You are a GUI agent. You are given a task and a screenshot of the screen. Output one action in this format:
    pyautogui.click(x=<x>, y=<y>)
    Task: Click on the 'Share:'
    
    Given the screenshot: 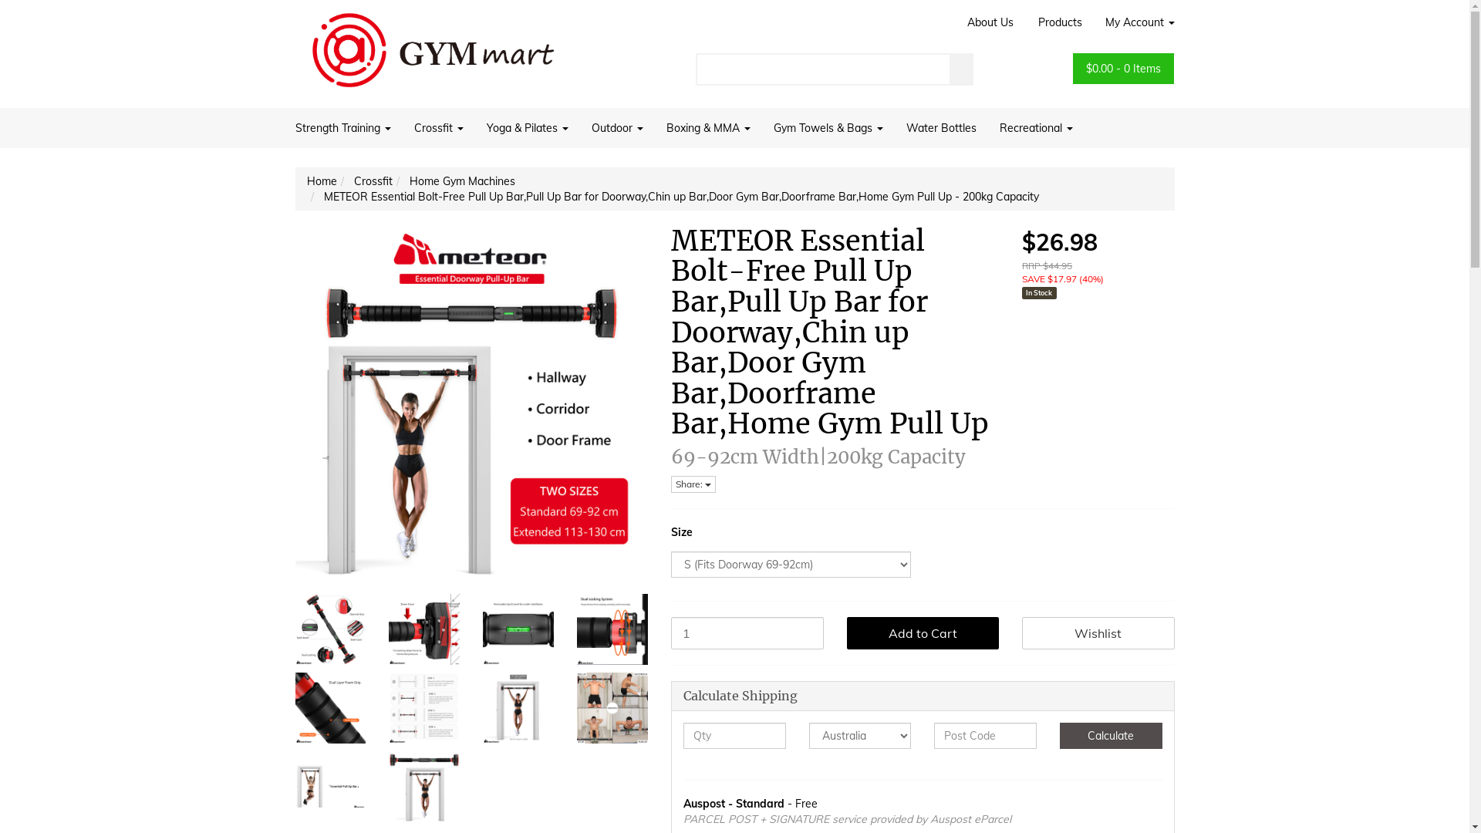 What is the action you would take?
    pyautogui.click(x=692, y=484)
    